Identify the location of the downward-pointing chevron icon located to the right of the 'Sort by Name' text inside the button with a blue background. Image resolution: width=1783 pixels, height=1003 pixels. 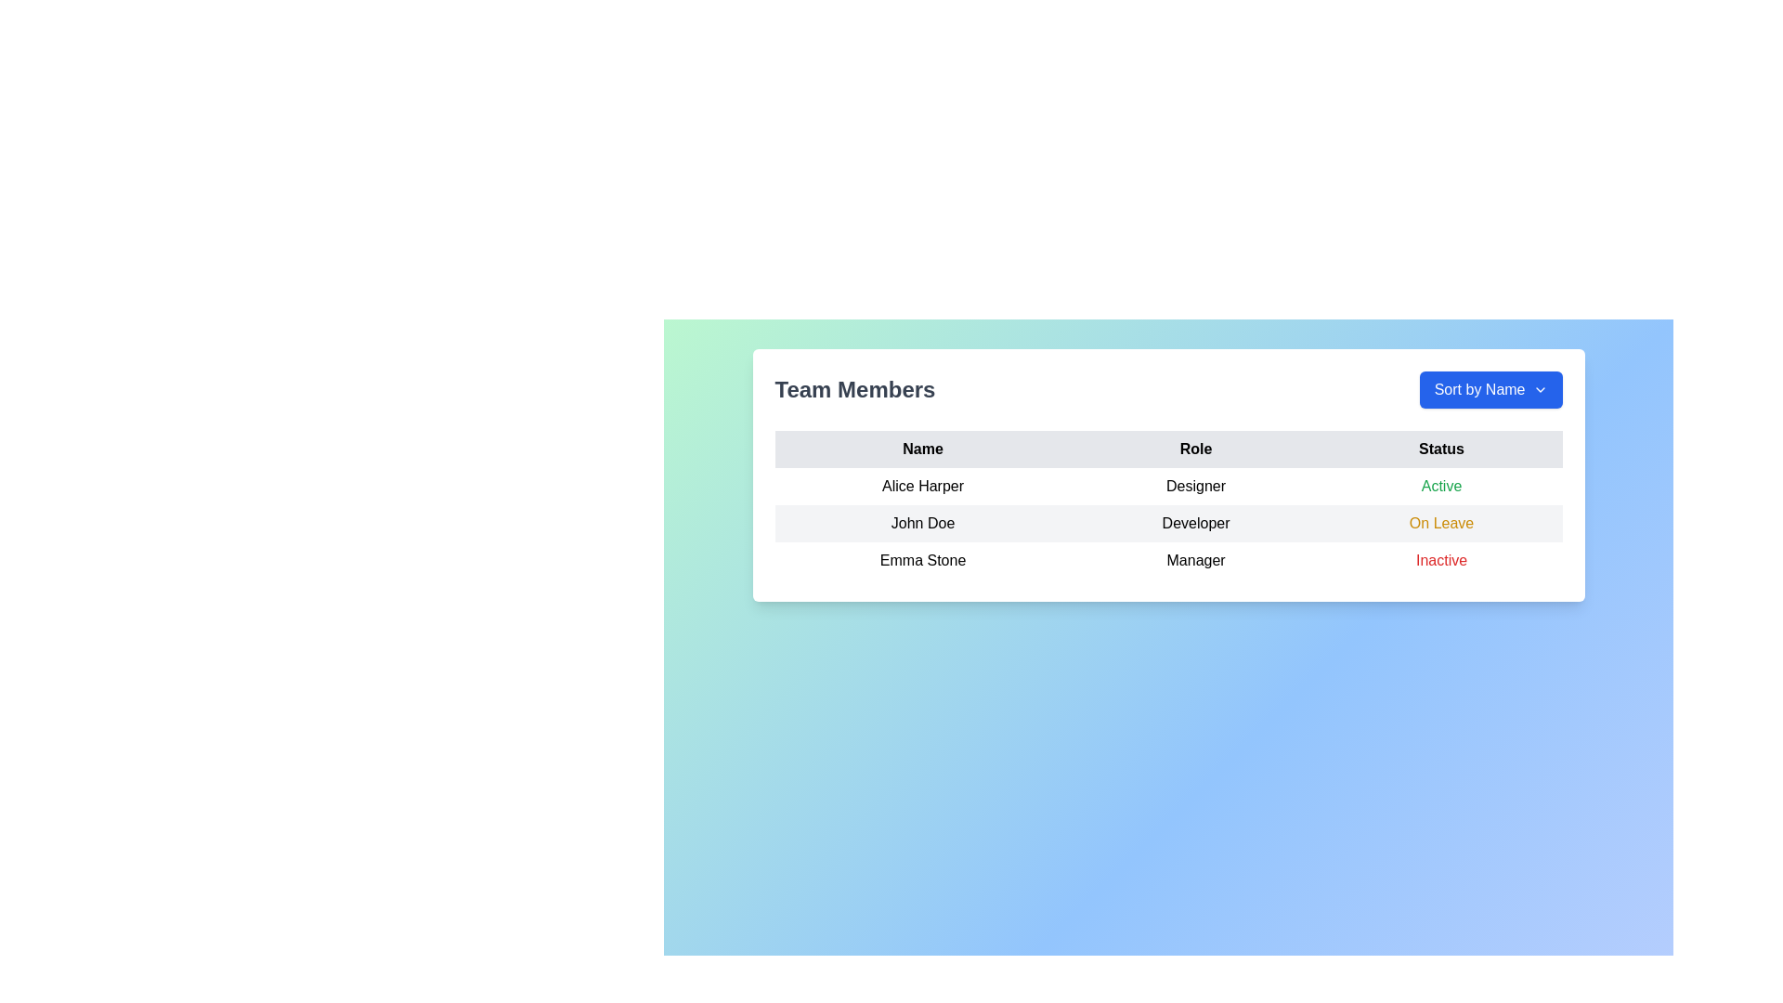
(1540, 389).